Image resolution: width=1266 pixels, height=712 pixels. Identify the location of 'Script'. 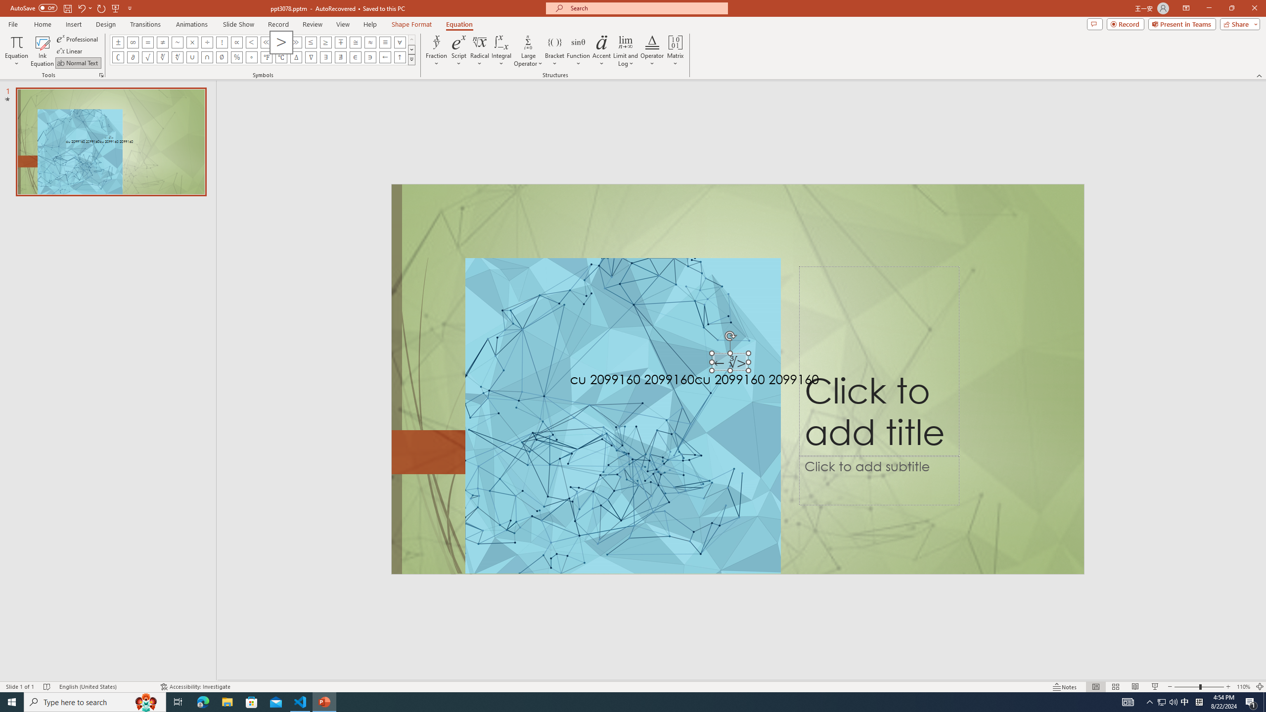
(459, 51).